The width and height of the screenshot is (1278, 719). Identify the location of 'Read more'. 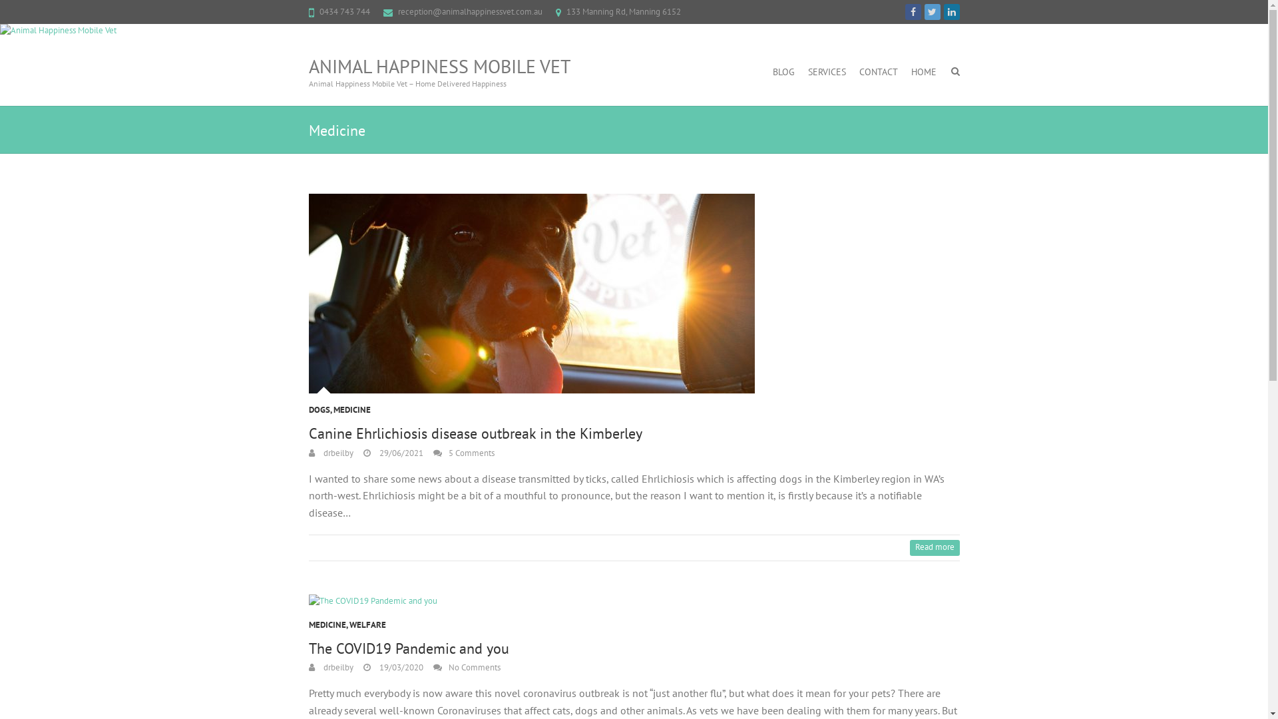
(933, 547).